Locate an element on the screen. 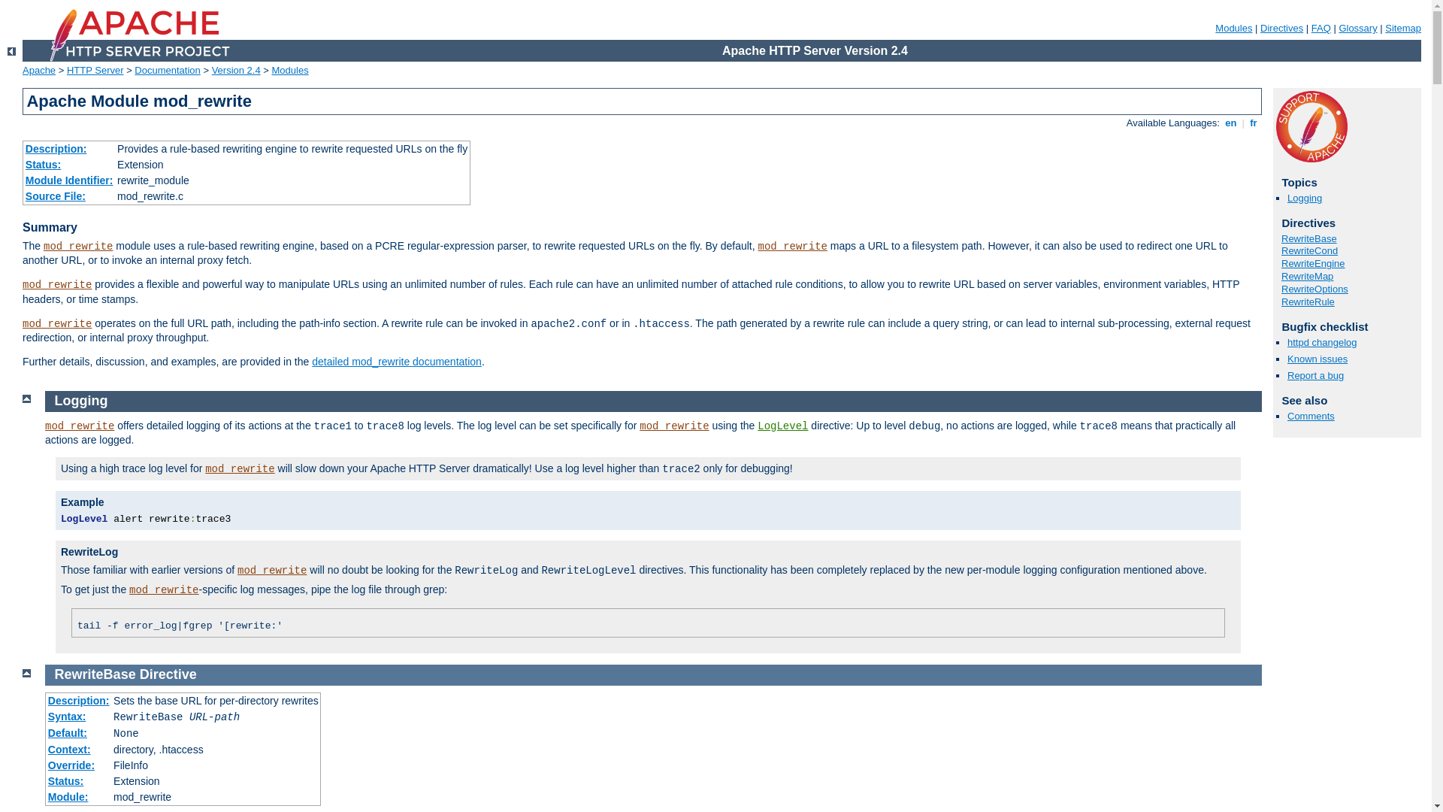  'Documentation' is located at coordinates (167, 70).